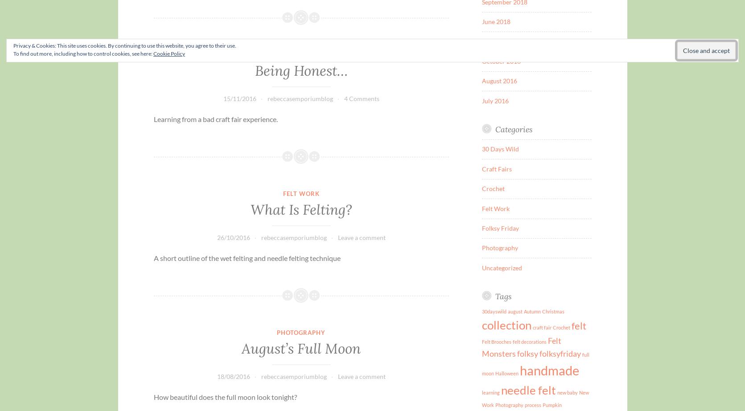  Describe the element at coordinates (214, 118) in the screenshot. I see `'Learning from a bad craft fair experience.'` at that location.